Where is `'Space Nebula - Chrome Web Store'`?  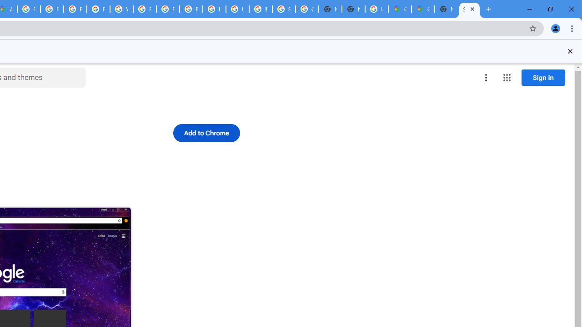
'Space Nebula - Chrome Web Store' is located at coordinates (469, 9).